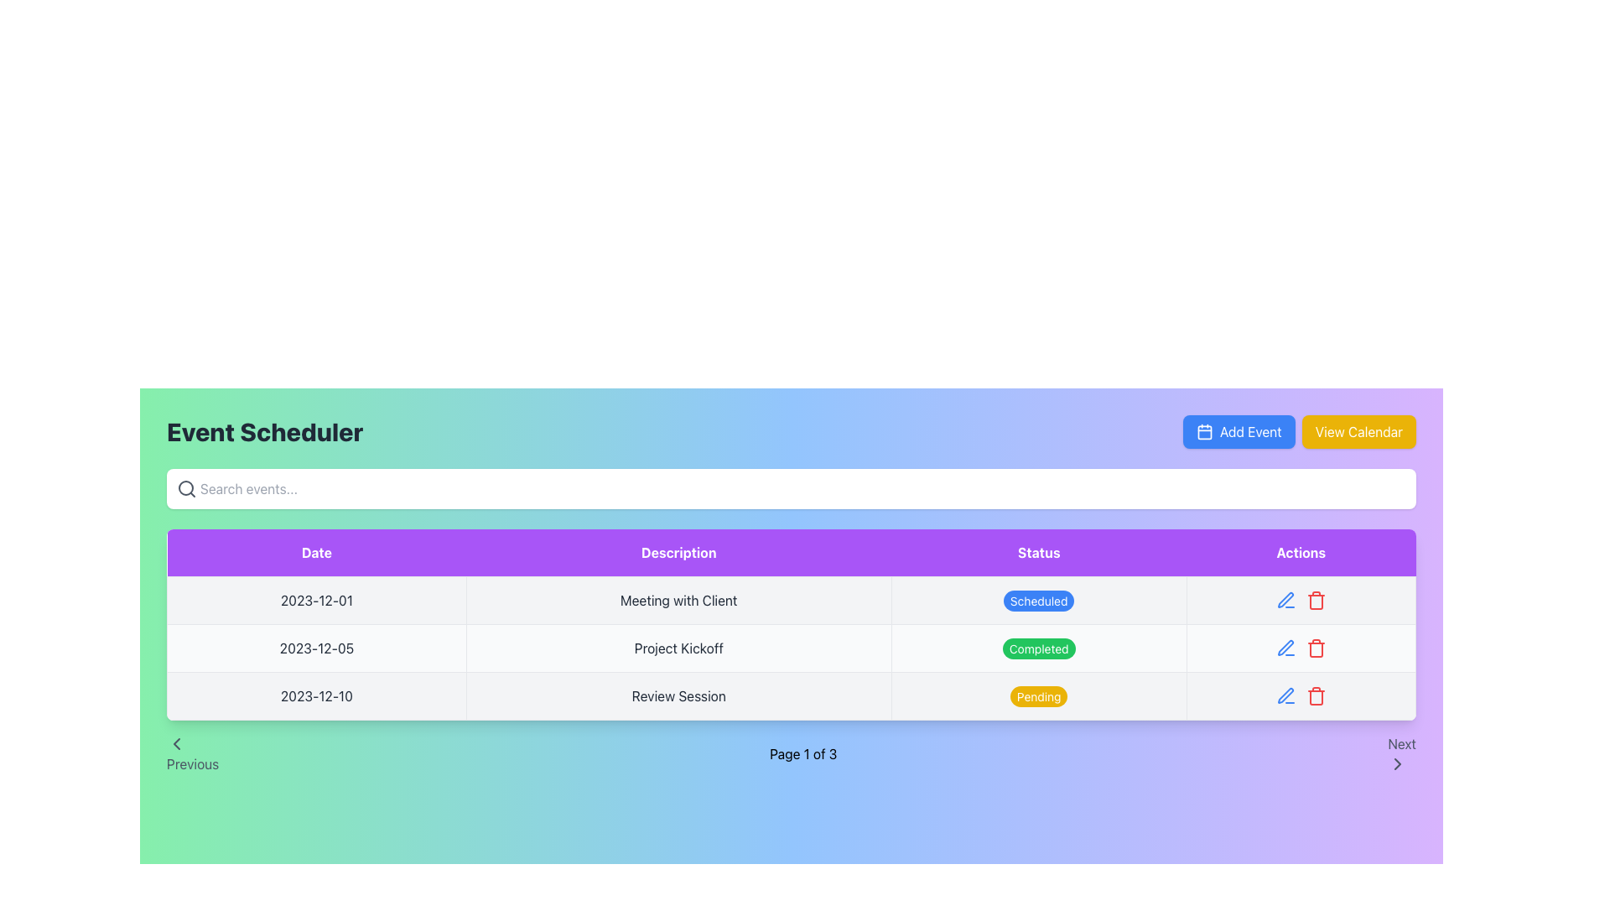  Describe the element at coordinates (1203, 431) in the screenshot. I see `the calendar icon located within the 'Add Event' button at the upper right of the application interface` at that location.